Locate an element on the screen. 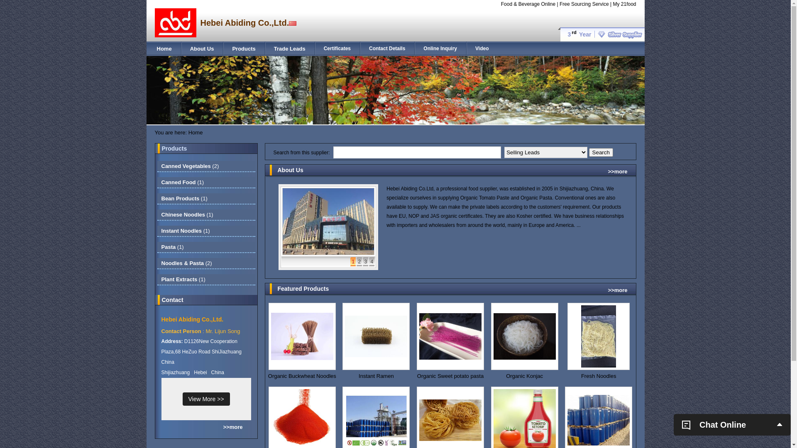  'Instant Noodles (1)' is located at coordinates (185, 231).